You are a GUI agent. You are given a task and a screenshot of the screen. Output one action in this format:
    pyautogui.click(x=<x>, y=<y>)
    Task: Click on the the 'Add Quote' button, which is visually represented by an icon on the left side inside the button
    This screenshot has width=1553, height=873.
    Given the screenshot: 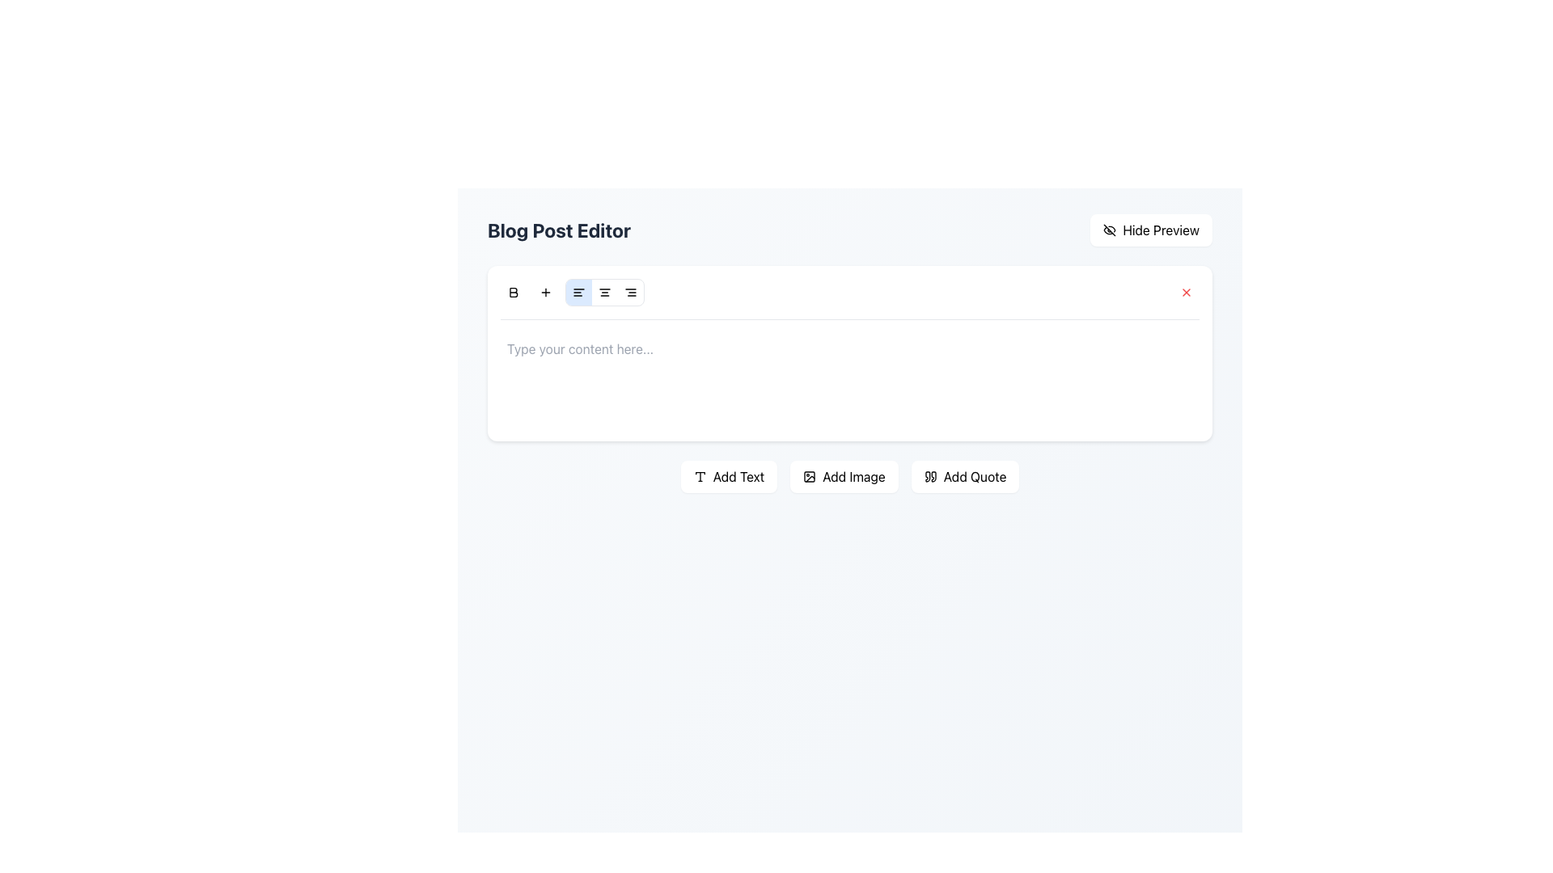 What is the action you would take?
    pyautogui.click(x=930, y=476)
    